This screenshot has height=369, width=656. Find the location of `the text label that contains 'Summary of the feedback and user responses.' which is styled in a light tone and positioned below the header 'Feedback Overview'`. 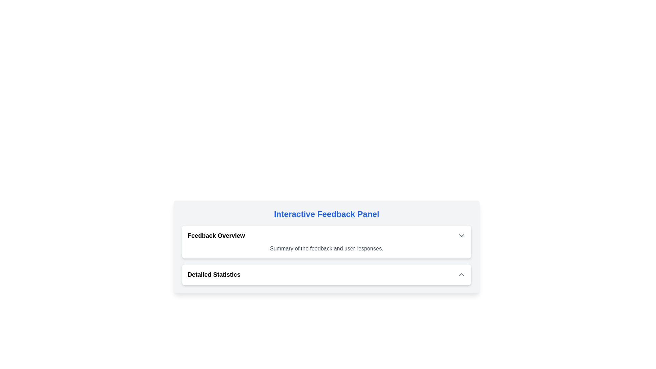

the text label that contains 'Summary of the feedback and user responses.' which is styled in a light tone and positioned below the header 'Feedback Overview' is located at coordinates (326, 249).